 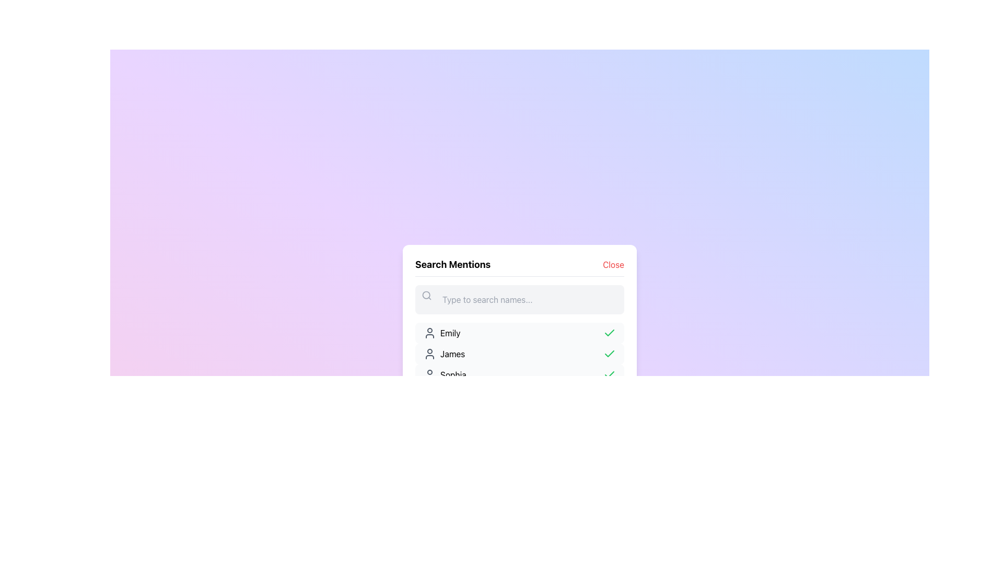 I want to click on the user profile icon representing 'James', located under the 'Search Mentions' header, as the leftmost component of the second row, so click(x=429, y=353).